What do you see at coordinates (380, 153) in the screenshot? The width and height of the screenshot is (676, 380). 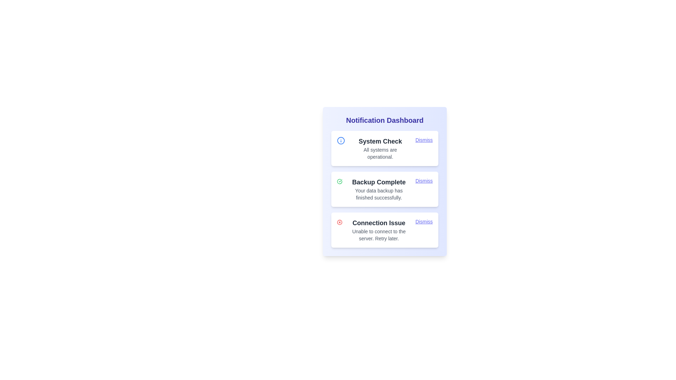 I see `static text label that says 'All systems are operational.' located in the 'System Check' notification card, positioned at the center bottom of the card` at bounding box center [380, 153].